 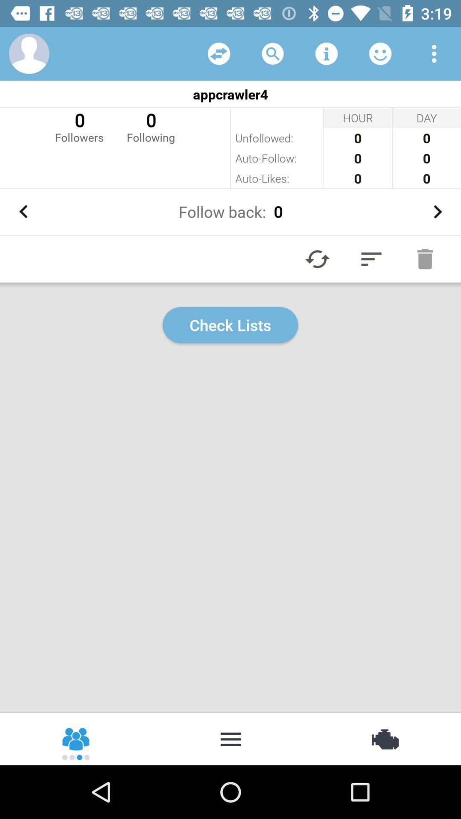 What do you see at coordinates (219, 53) in the screenshot?
I see `transfer information` at bounding box center [219, 53].